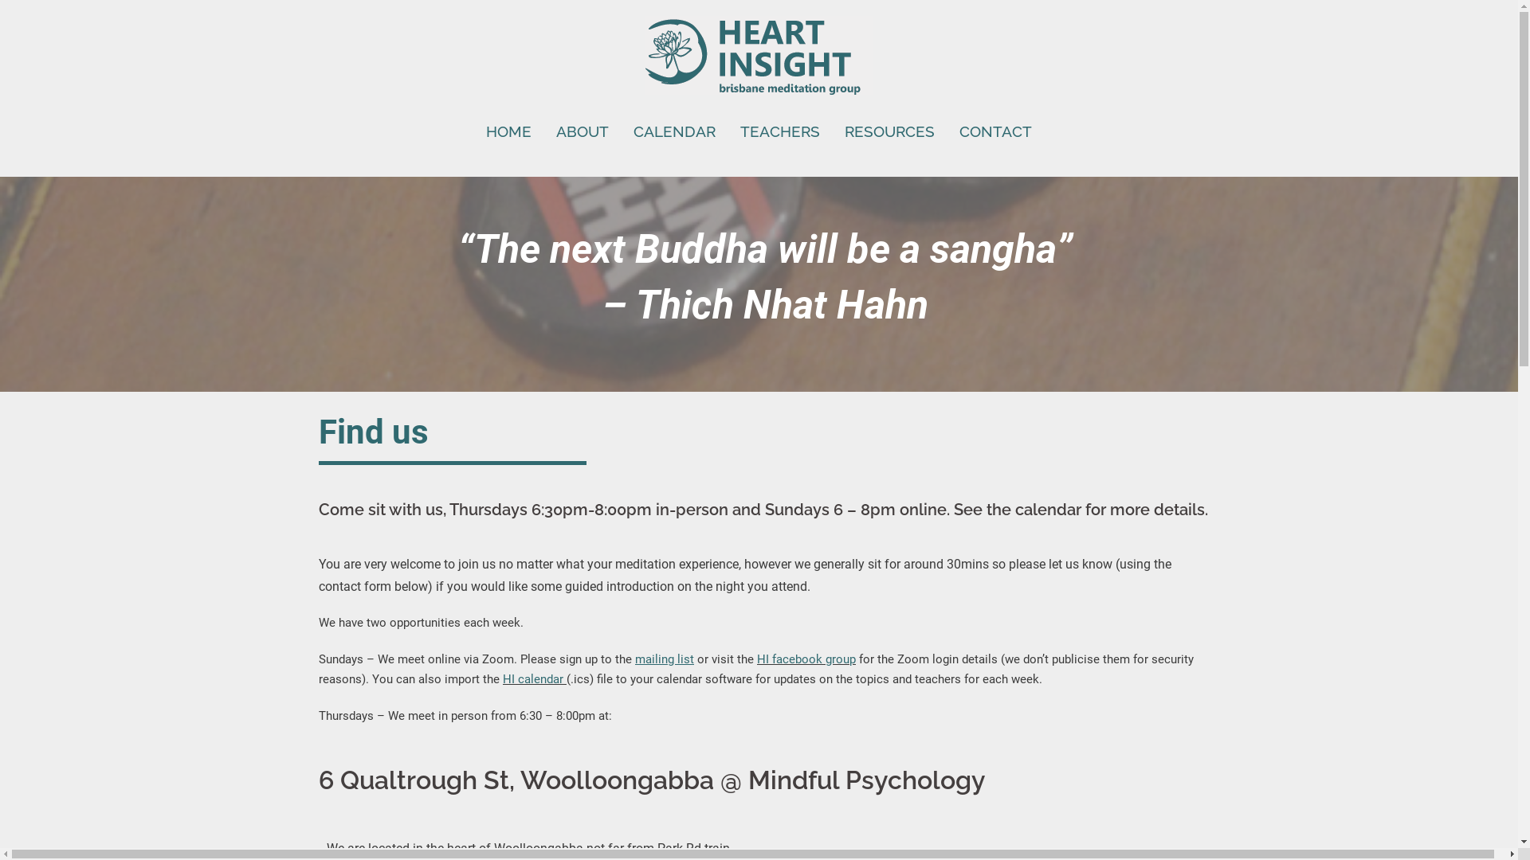 Image resolution: width=1530 pixels, height=860 pixels. I want to click on 'HOME', so click(508, 131).